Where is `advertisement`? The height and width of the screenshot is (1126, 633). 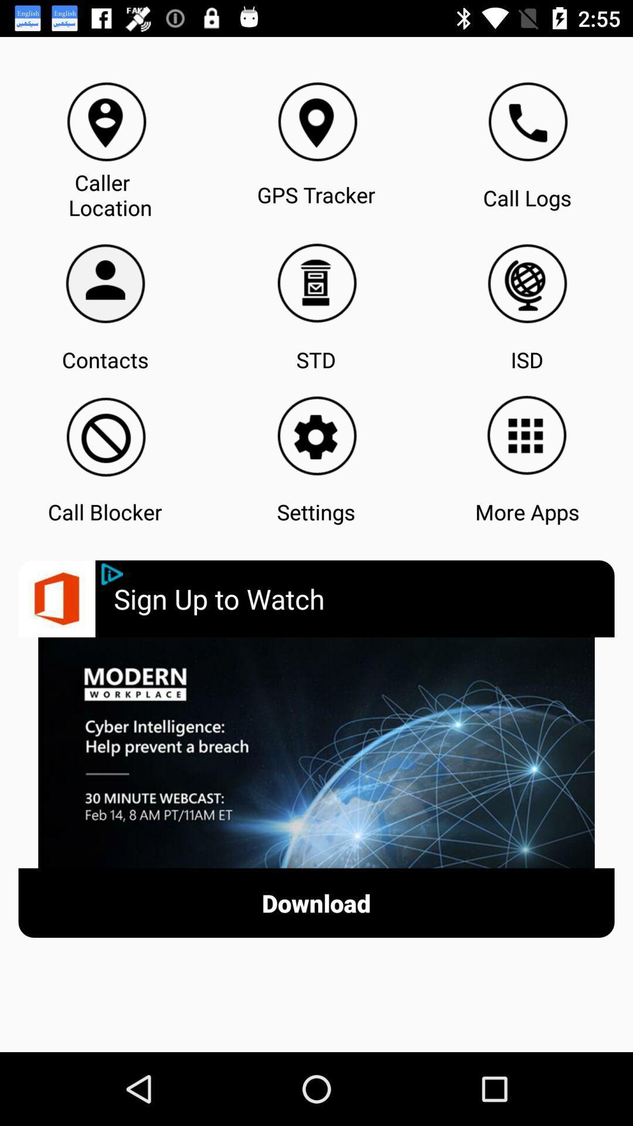 advertisement is located at coordinates (112, 574).